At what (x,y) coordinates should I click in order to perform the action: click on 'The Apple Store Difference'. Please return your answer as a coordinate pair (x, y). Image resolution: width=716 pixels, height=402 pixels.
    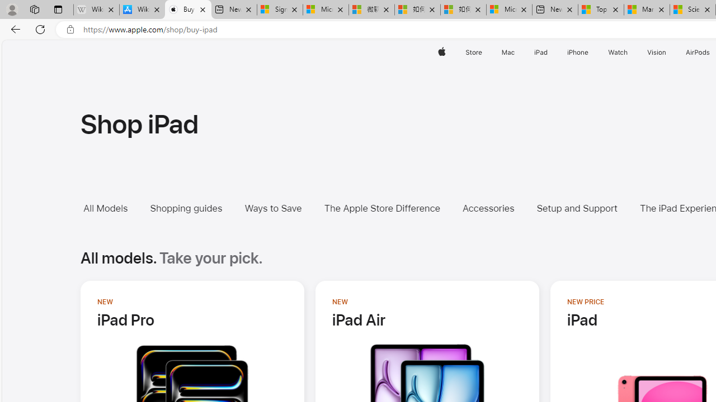
    Looking at the image, I should click on (381, 208).